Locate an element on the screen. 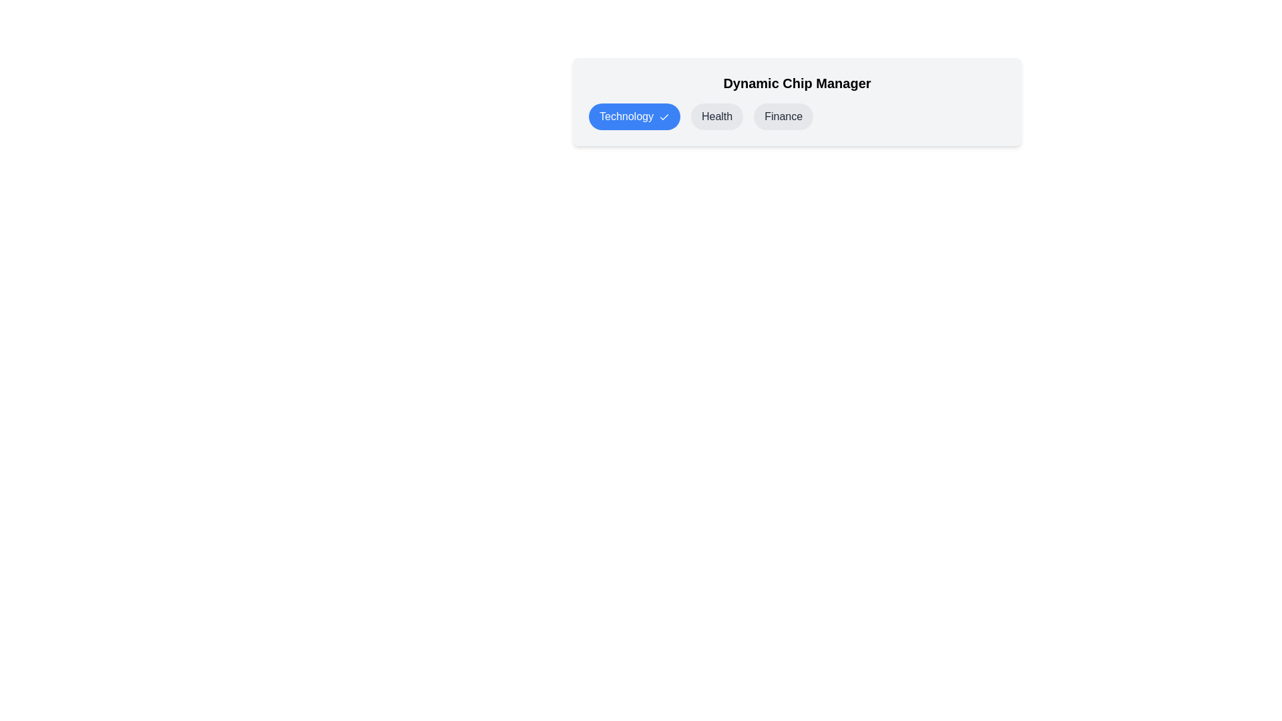 The width and height of the screenshot is (1282, 721). the chip labeled Health to toggle its state is located at coordinates (716, 115).